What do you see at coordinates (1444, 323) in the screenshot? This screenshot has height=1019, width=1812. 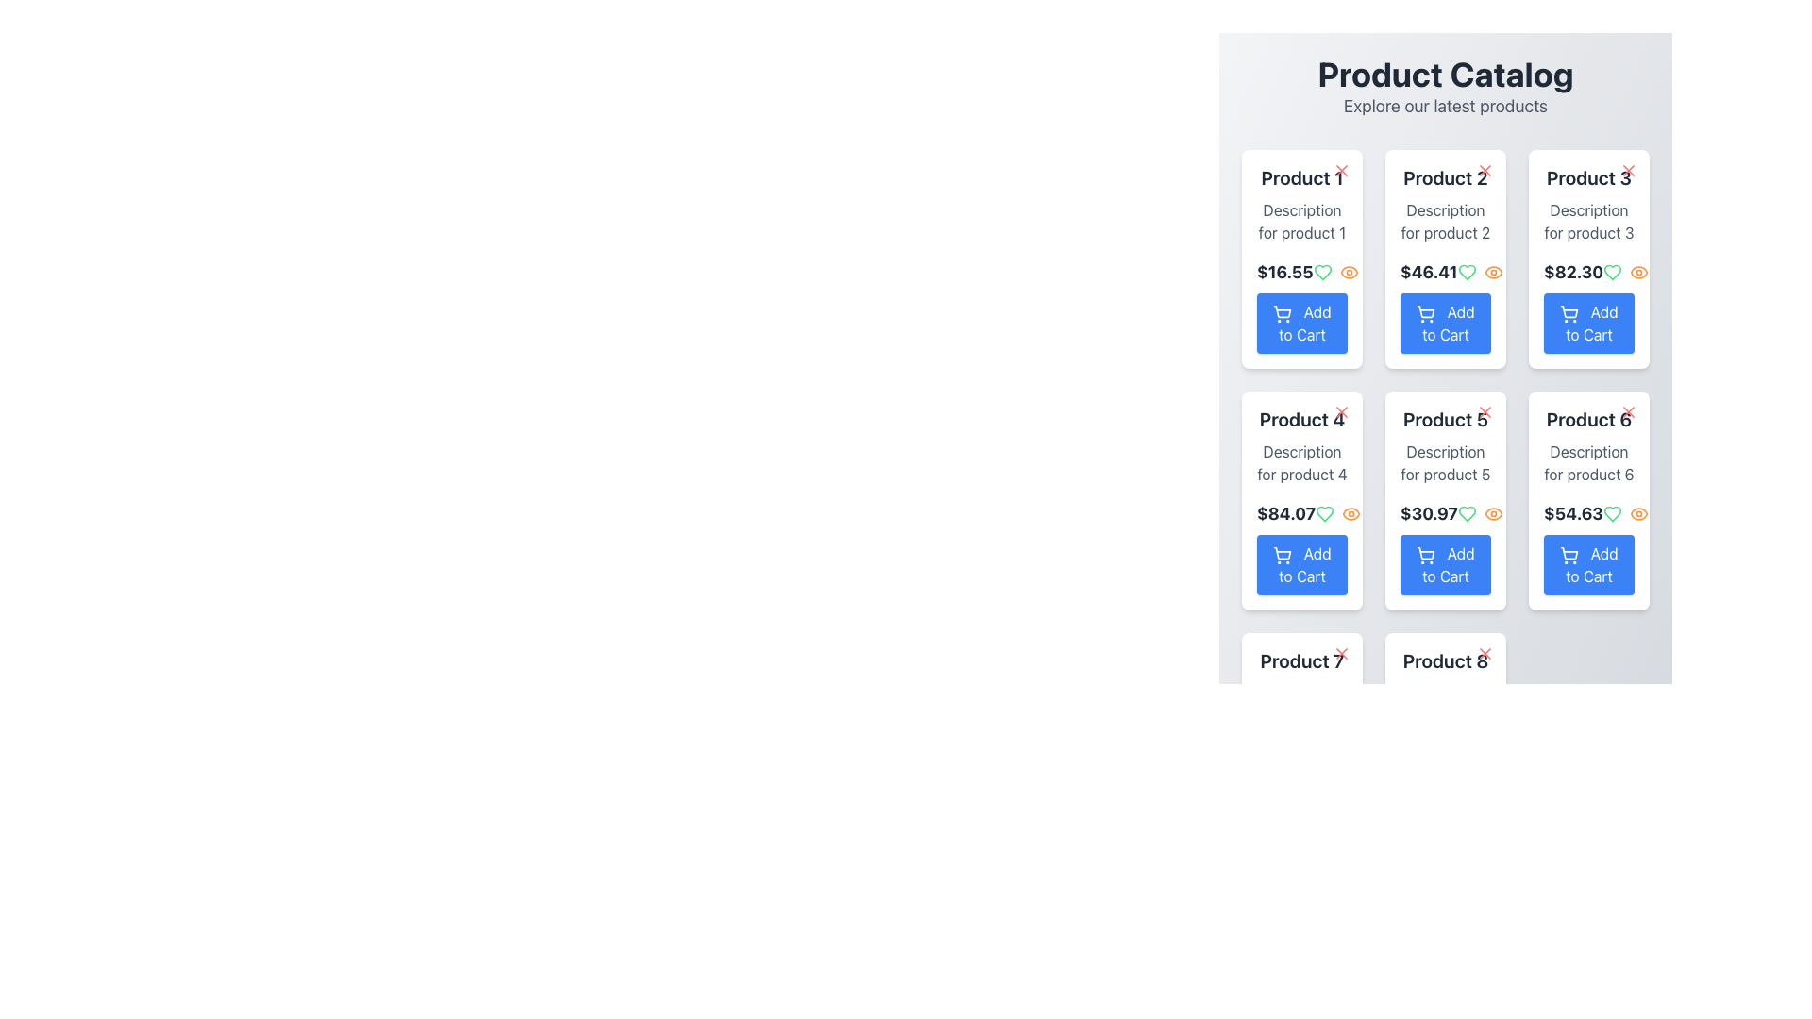 I see `the 'Add to Cart' button which has a blue background and white text, located at the bottom of the 'Product 2' card in the product grid` at bounding box center [1444, 323].